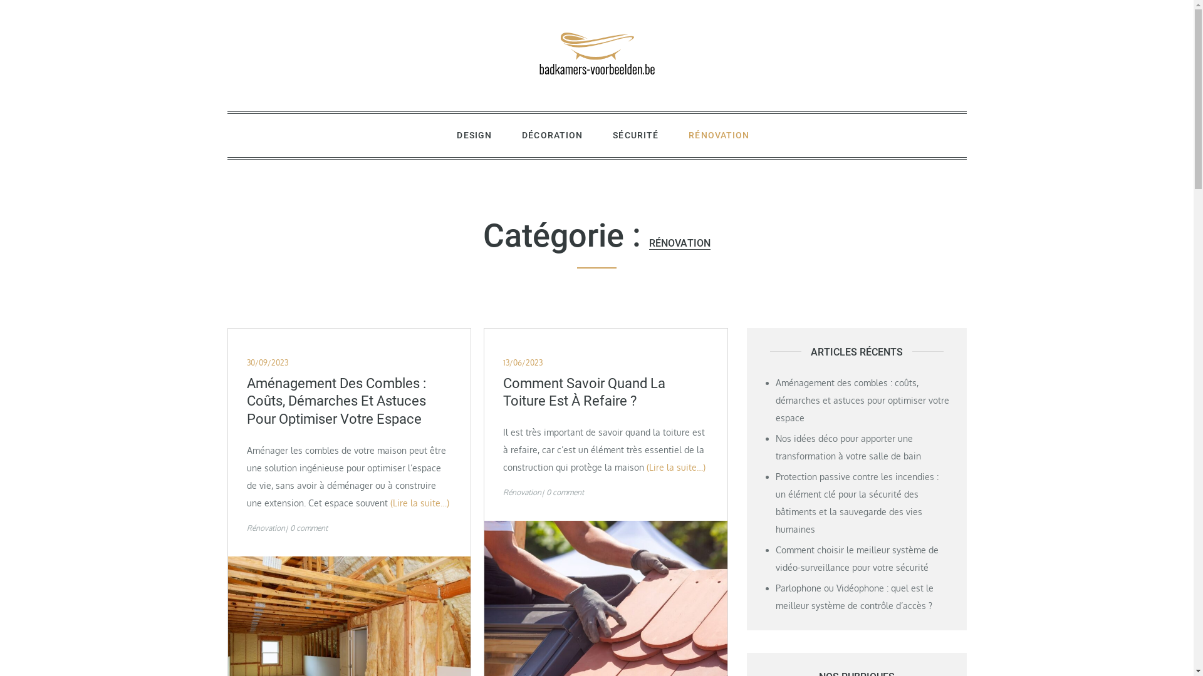  What do you see at coordinates (523, 362) in the screenshot?
I see `'13/06/2023'` at bounding box center [523, 362].